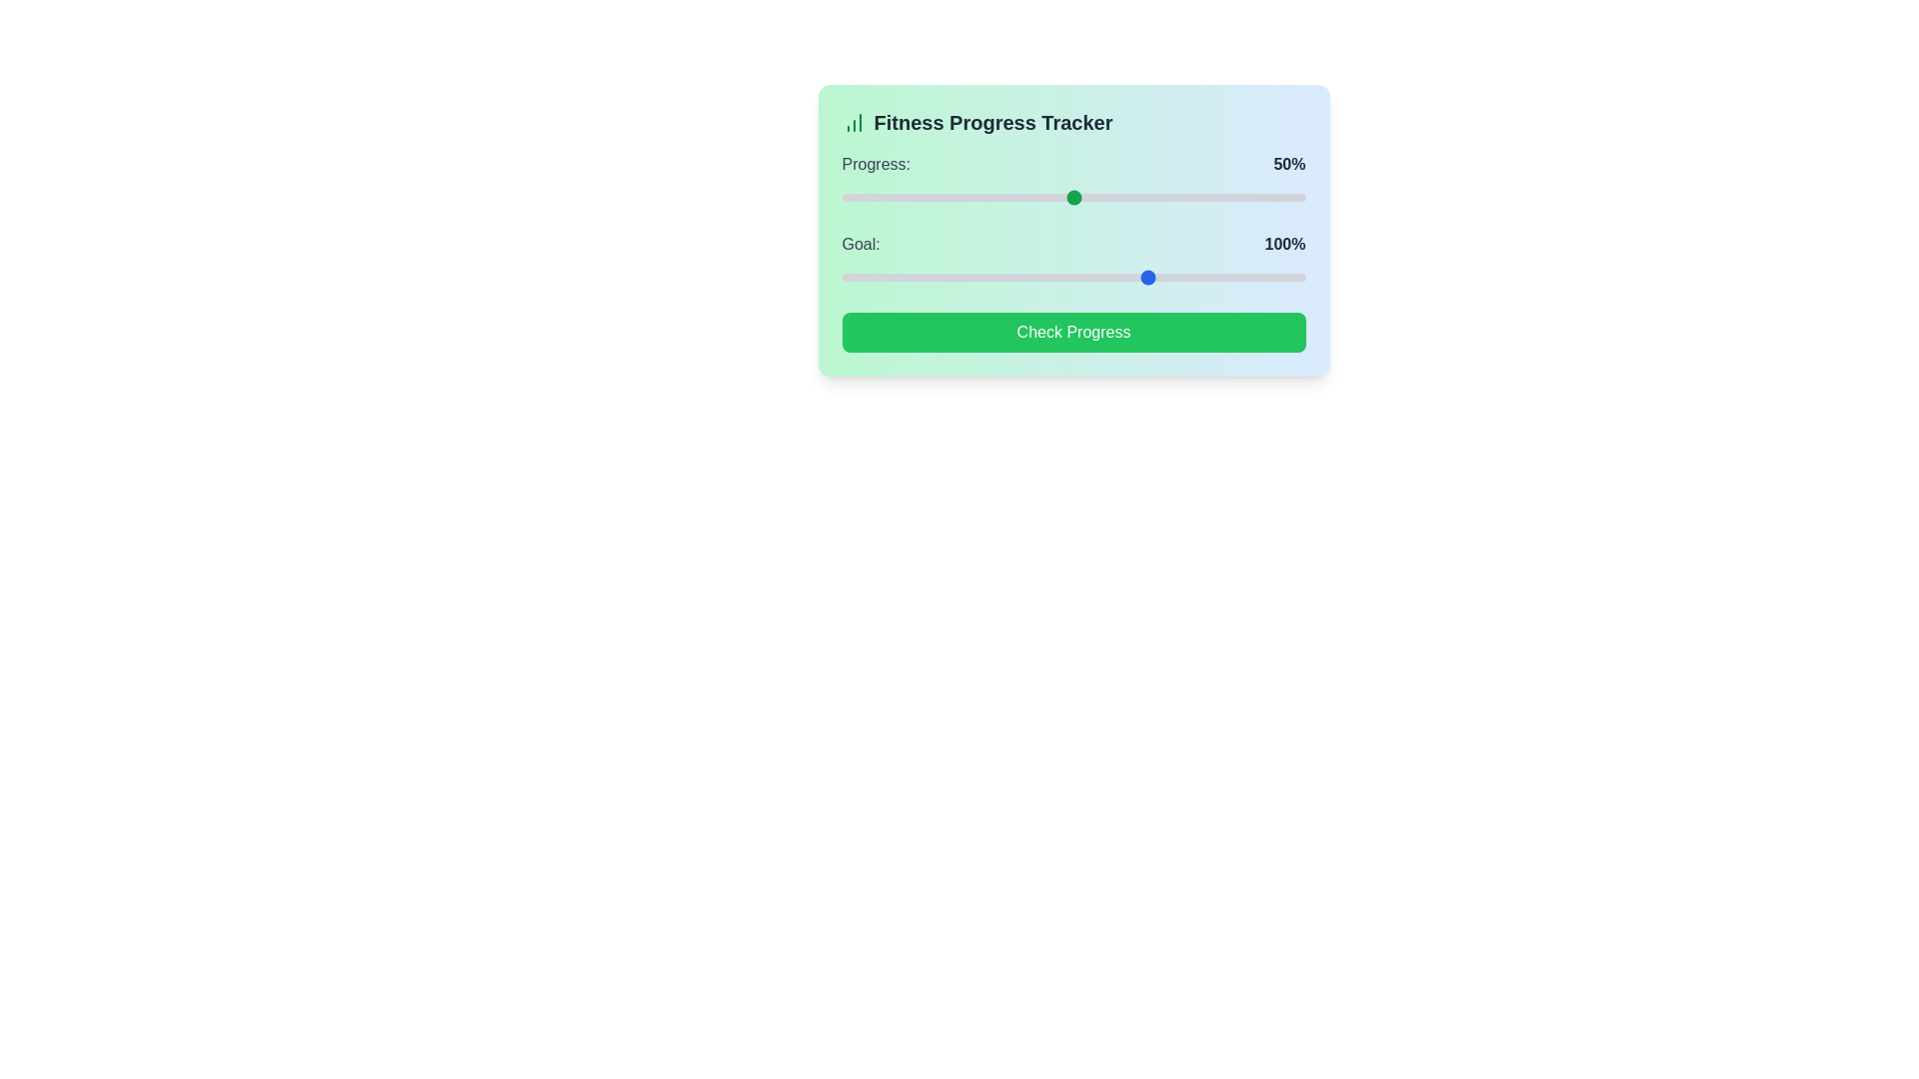  What do you see at coordinates (1109, 197) in the screenshot?
I see `the progress slider to 58%` at bounding box center [1109, 197].